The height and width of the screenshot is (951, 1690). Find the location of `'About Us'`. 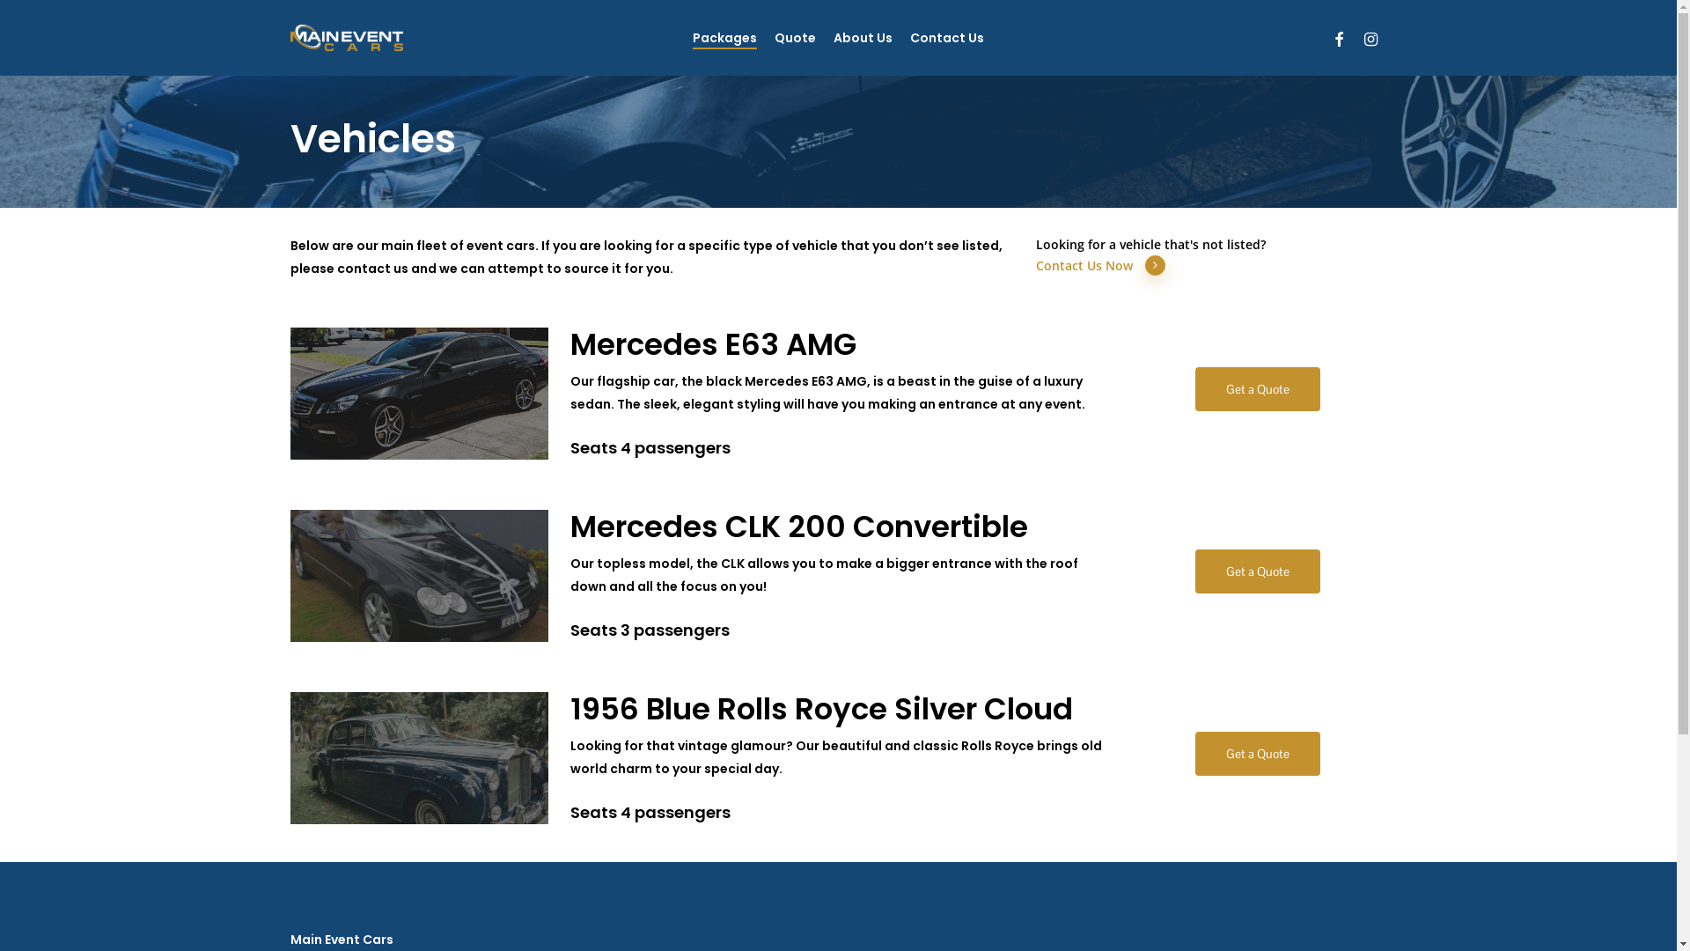

'About Us' is located at coordinates (863, 37).